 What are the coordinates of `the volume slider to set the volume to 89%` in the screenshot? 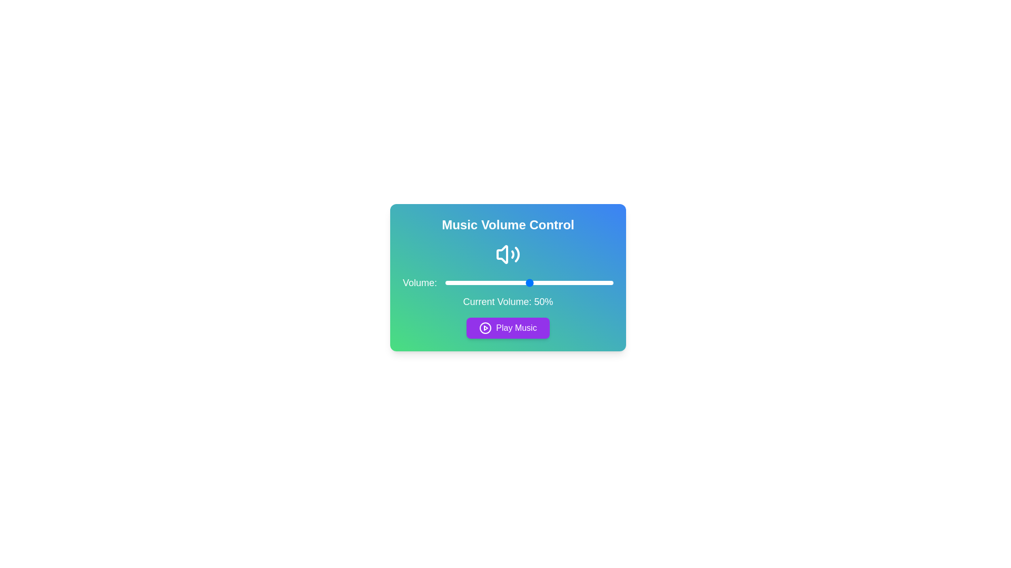 It's located at (594, 282).